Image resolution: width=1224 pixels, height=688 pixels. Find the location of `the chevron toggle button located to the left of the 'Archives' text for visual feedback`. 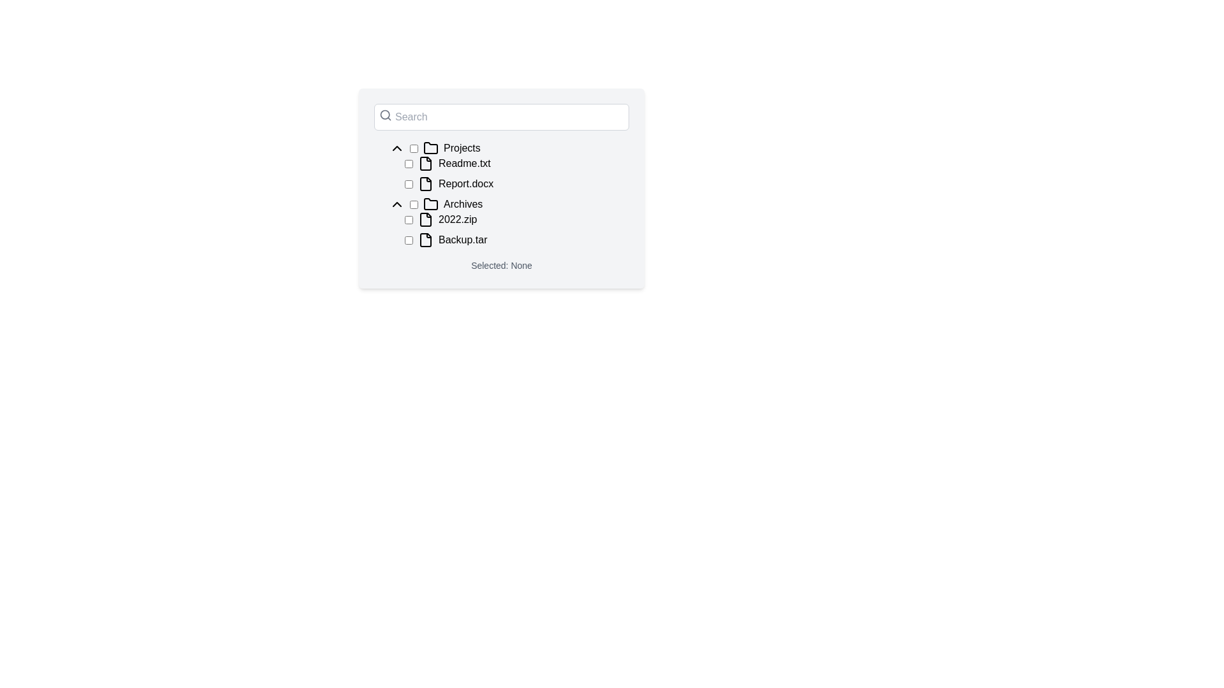

the chevron toggle button located to the left of the 'Archives' text for visual feedback is located at coordinates (397, 203).